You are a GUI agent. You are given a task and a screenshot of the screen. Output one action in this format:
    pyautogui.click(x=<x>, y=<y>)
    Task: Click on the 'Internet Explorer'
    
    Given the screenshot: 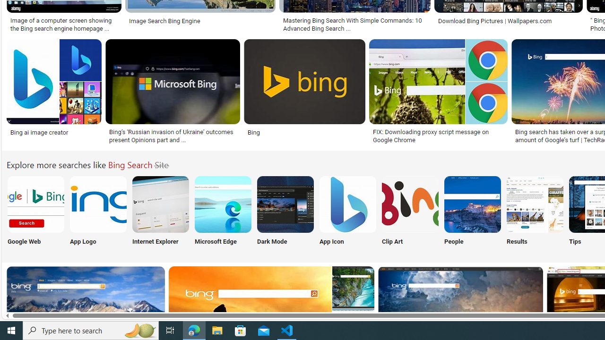 What is the action you would take?
    pyautogui.click(x=160, y=212)
    